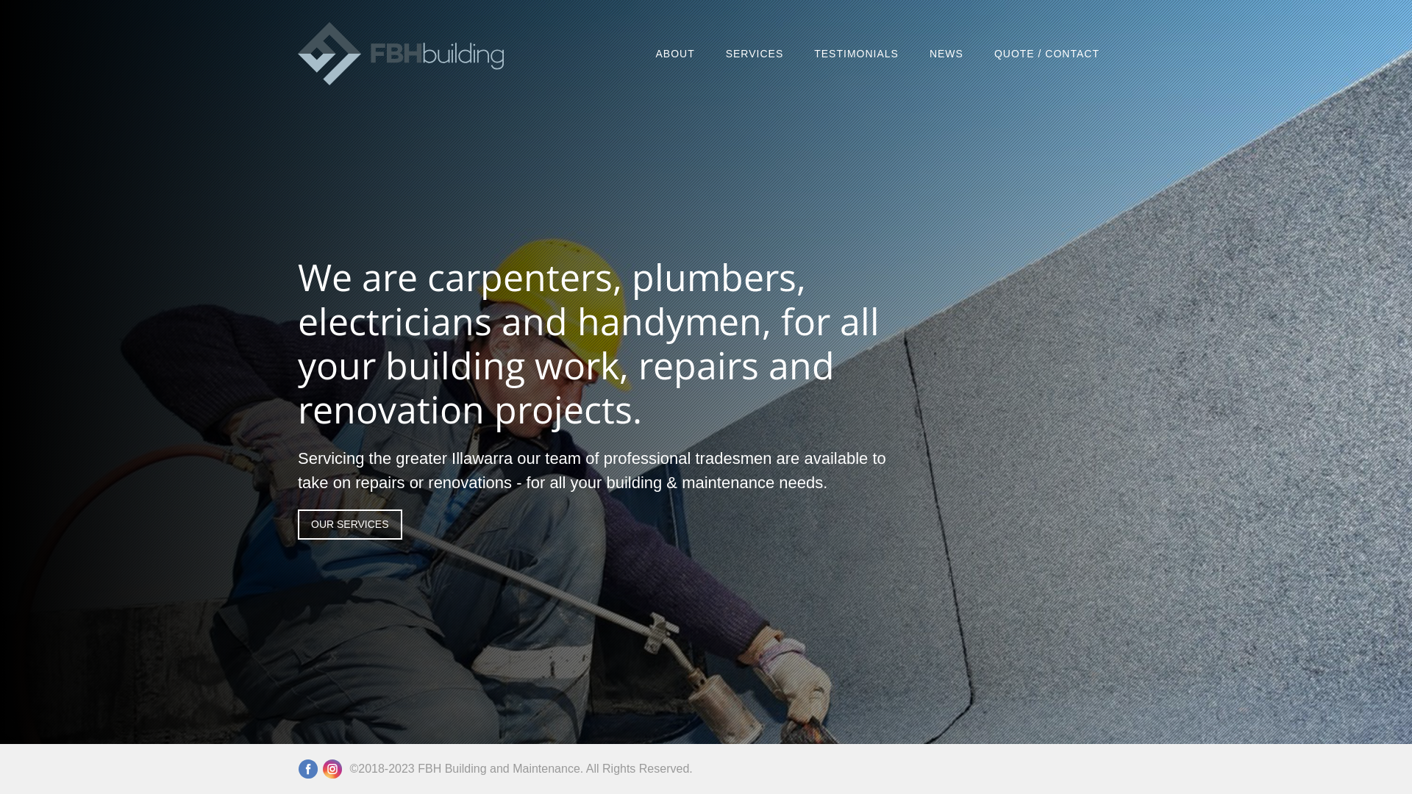 This screenshot has height=794, width=1412. Describe the element at coordinates (349, 523) in the screenshot. I see `'OUR SERVICES'` at that location.